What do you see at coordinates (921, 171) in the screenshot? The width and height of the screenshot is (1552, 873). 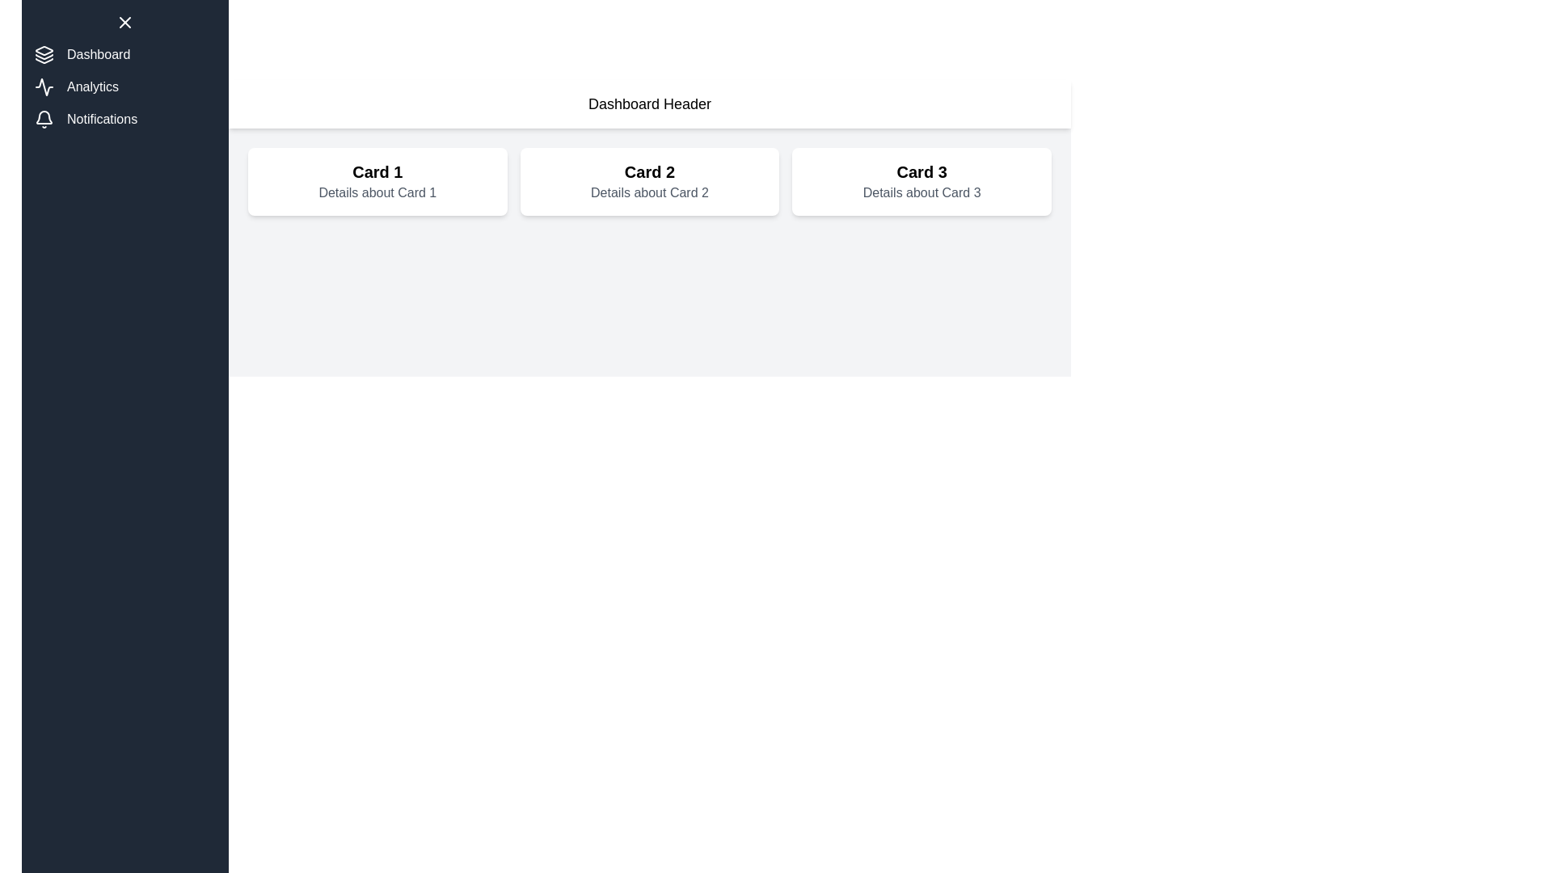 I see `the title Text Label of 'Card 3', which is positioned at the top of the card and above the gray description text 'Details about Card 3'` at bounding box center [921, 171].